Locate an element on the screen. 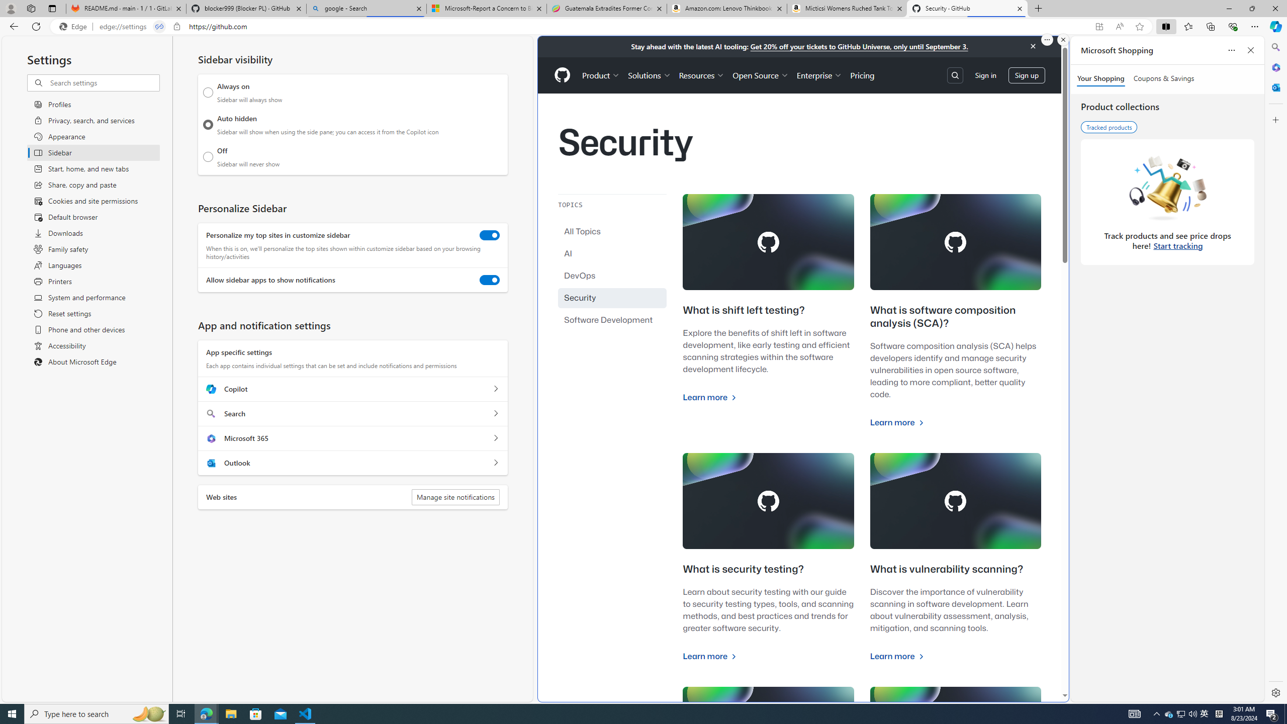 This screenshot has width=1287, height=724. 'Software Development' is located at coordinates (612, 319).